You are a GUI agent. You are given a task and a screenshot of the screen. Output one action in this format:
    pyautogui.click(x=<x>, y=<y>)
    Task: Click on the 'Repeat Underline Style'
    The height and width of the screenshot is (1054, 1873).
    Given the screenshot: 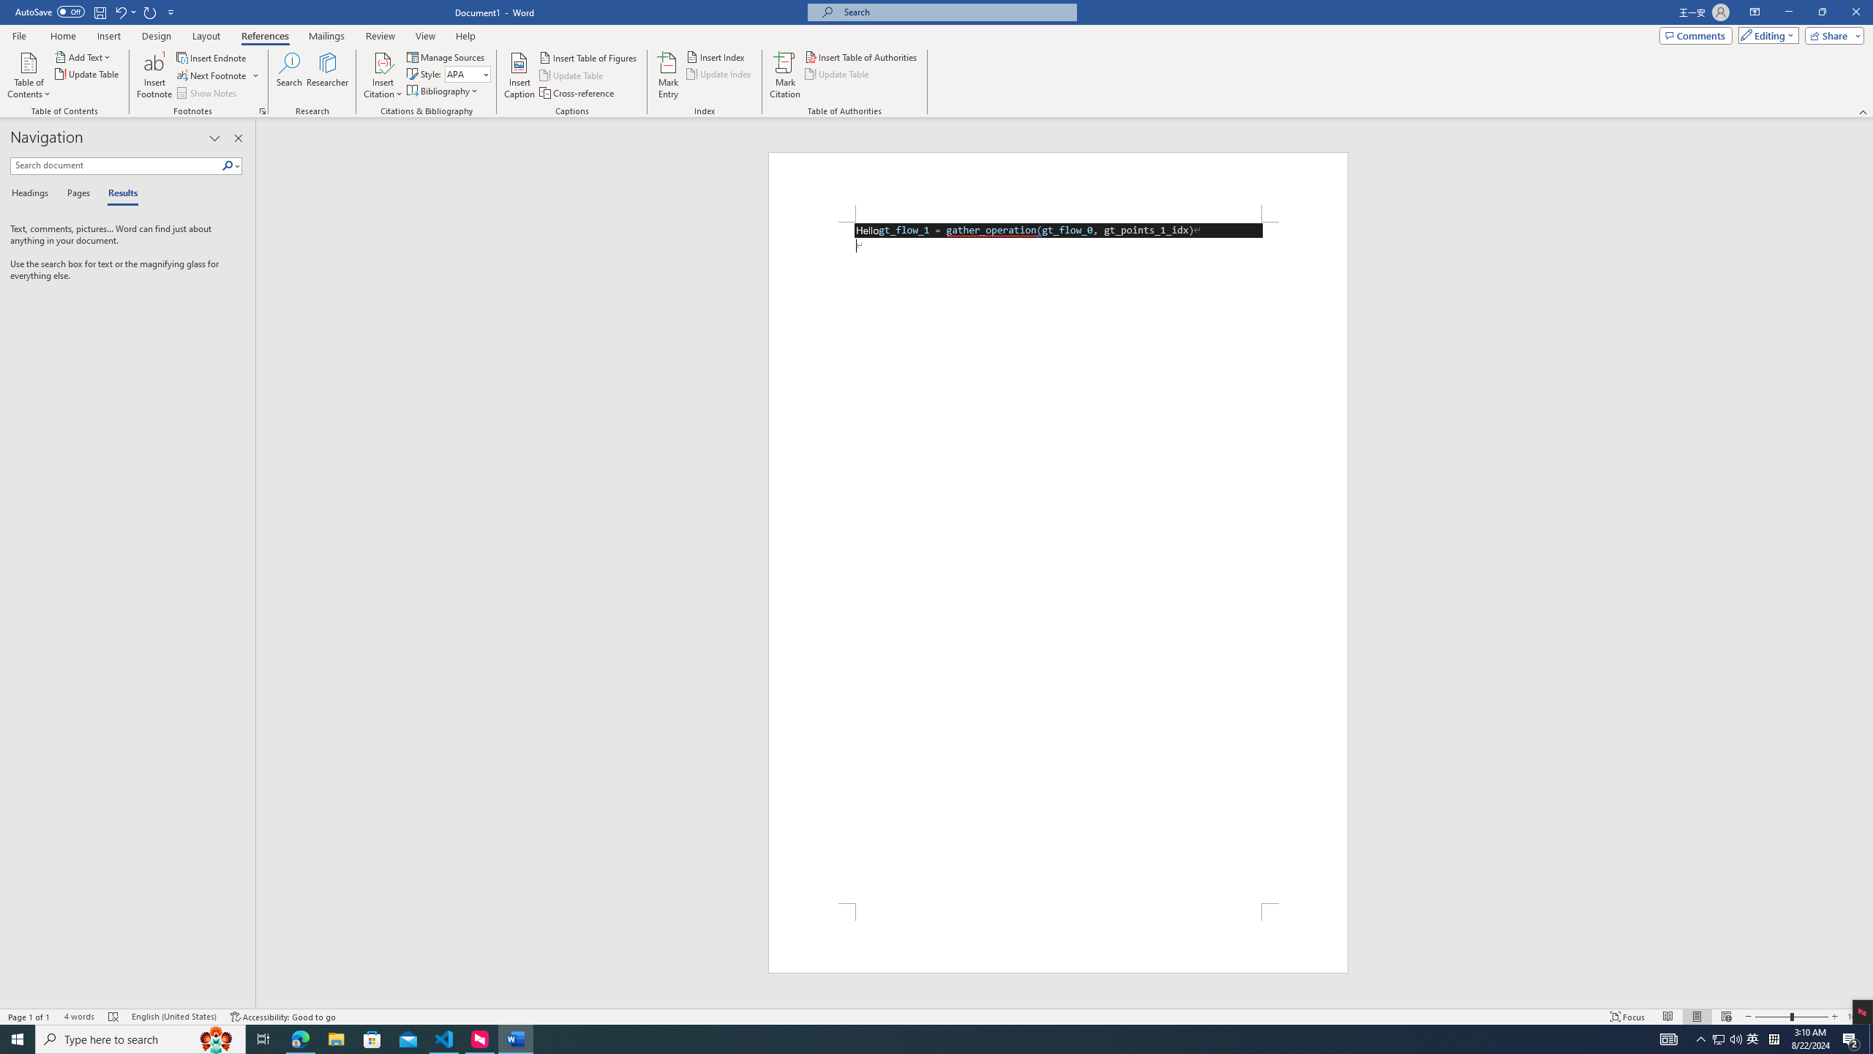 What is the action you would take?
    pyautogui.click(x=150, y=11)
    